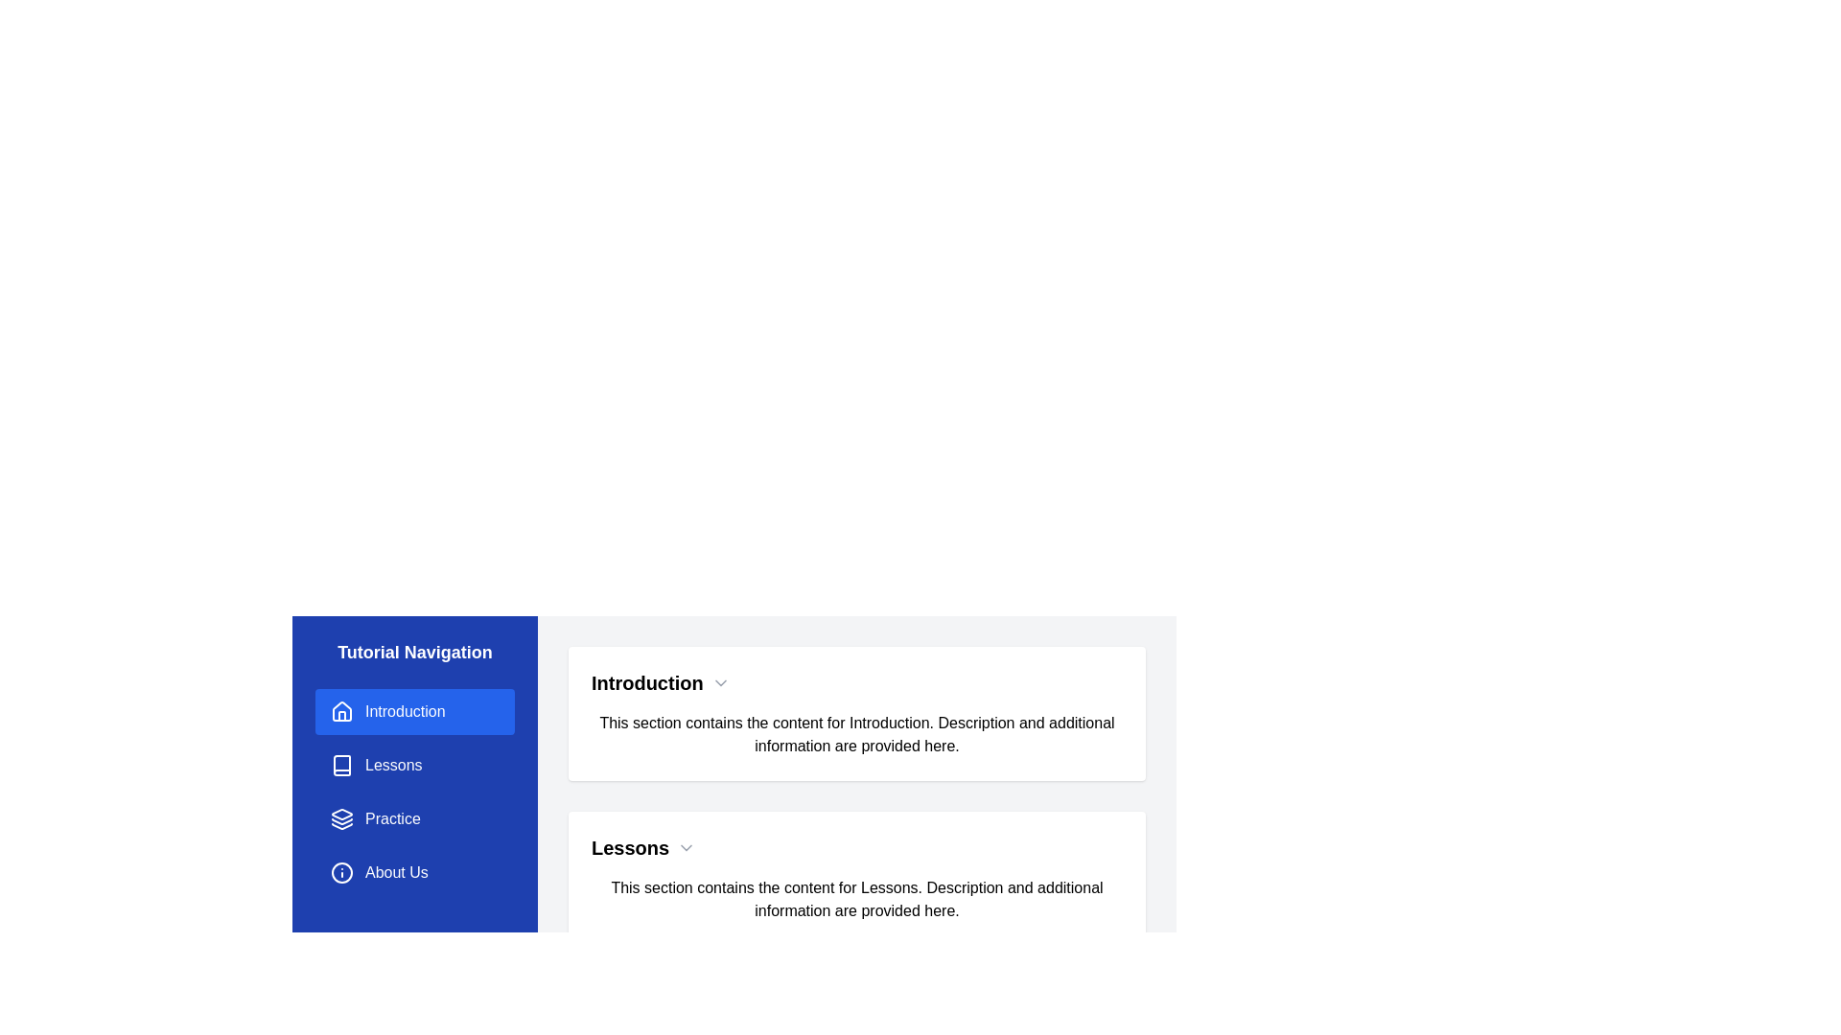 This screenshot has height=1035, width=1841. I want to click on the house icon located at the top of the 'Introduction' button within the sidebar navigation menu, so click(341, 710).